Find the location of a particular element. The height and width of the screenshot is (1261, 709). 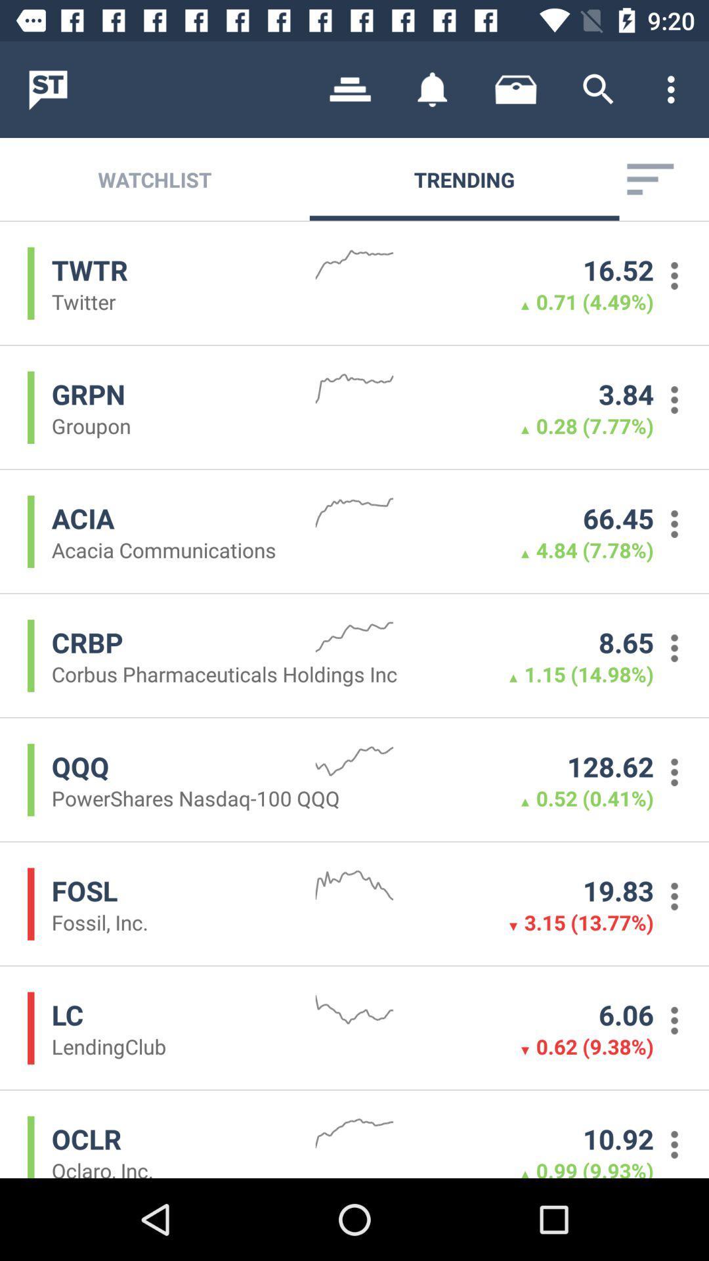

the item above the trending item is located at coordinates (433, 89).